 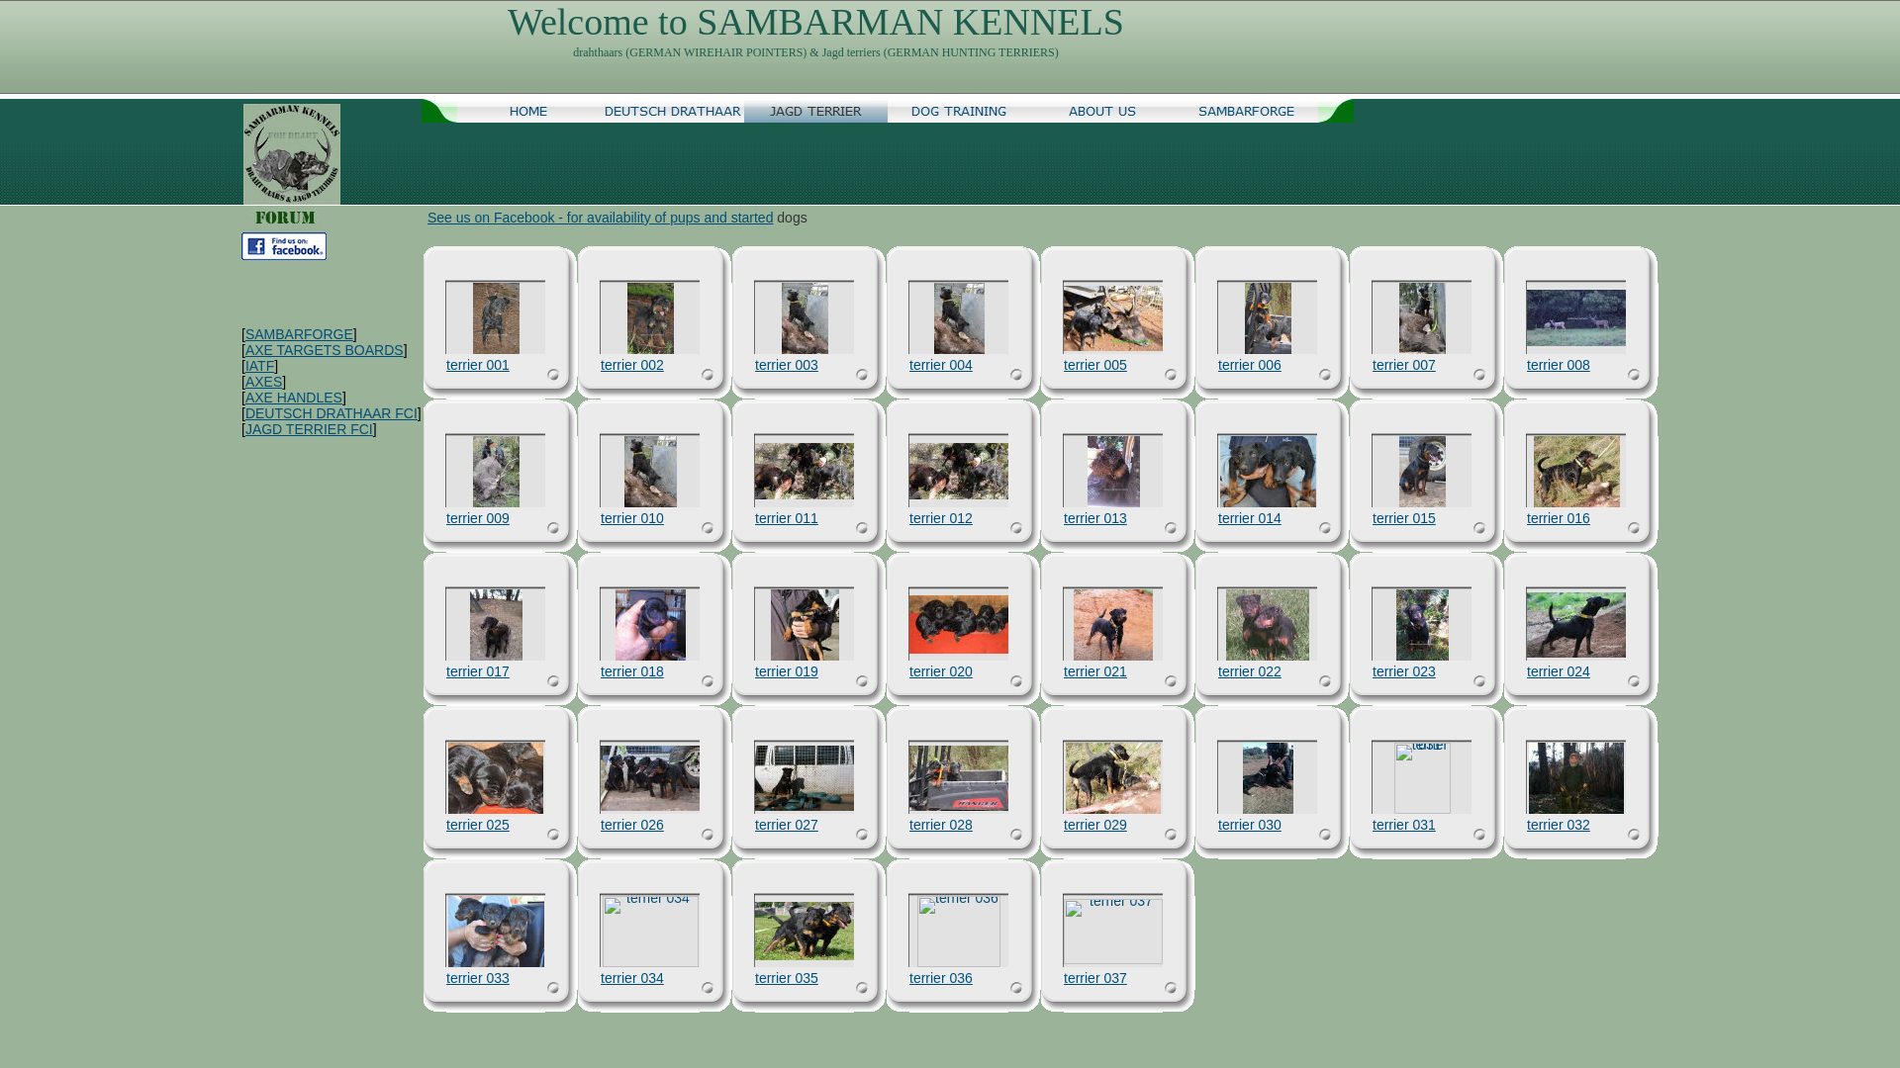 What do you see at coordinates (1268, 625) in the screenshot?
I see `'terrier 022'` at bounding box center [1268, 625].